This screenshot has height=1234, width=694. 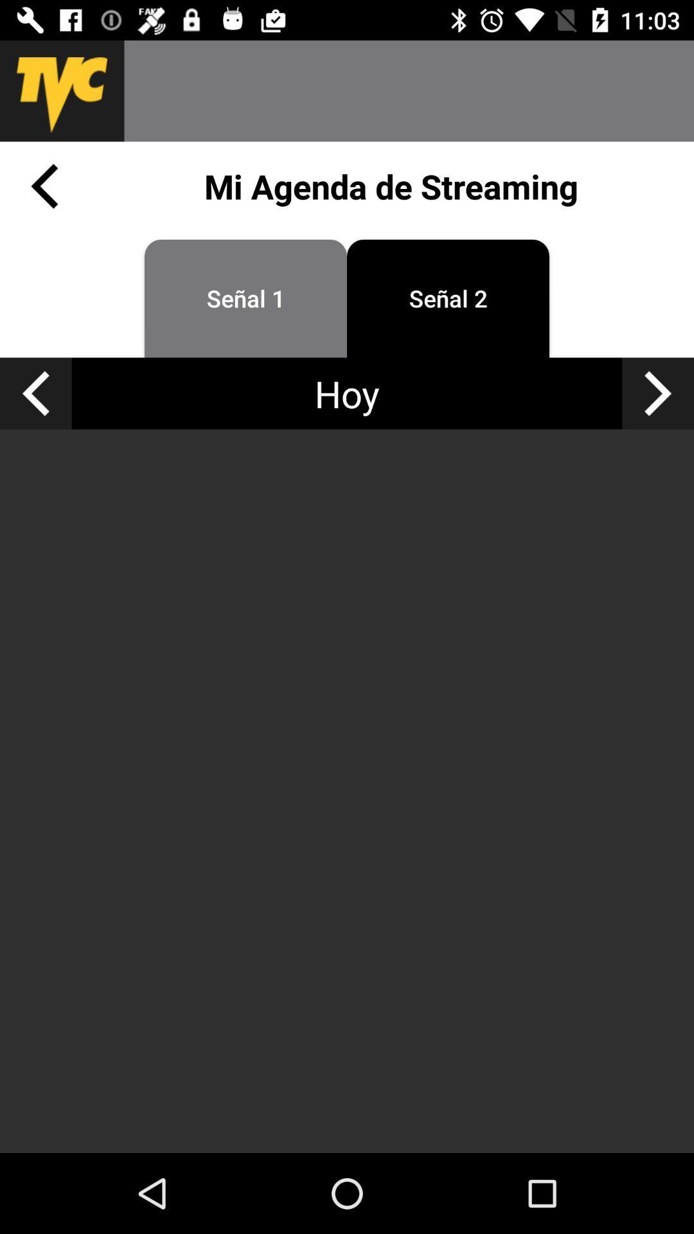 I want to click on go back, so click(x=35, y=393).